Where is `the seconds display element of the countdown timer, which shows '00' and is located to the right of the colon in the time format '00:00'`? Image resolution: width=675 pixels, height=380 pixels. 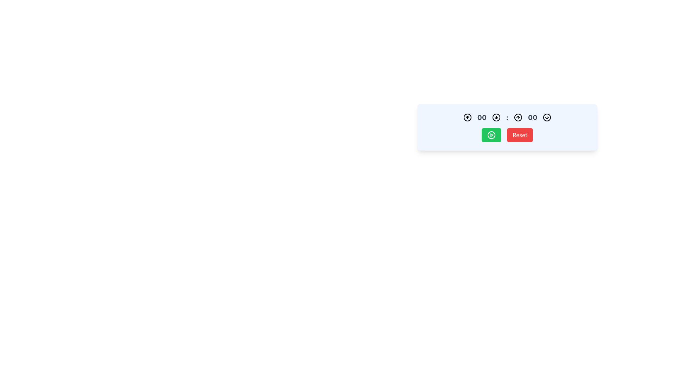 the seconds display element of the countdown timer, which shows '00' and is located to the right of the colon in the time format '00:00' is located at coordinates (533, 117).